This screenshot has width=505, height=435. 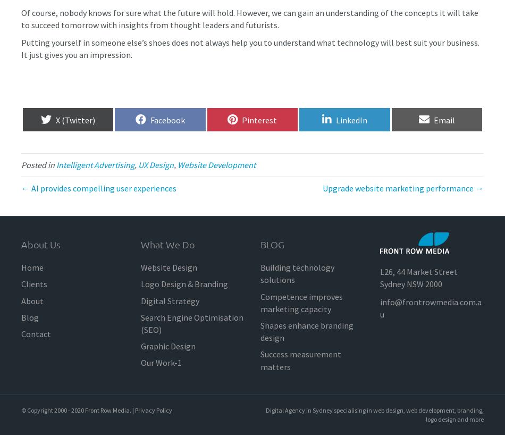 I want to click on 'Posted in', so click(x=38, y=164).